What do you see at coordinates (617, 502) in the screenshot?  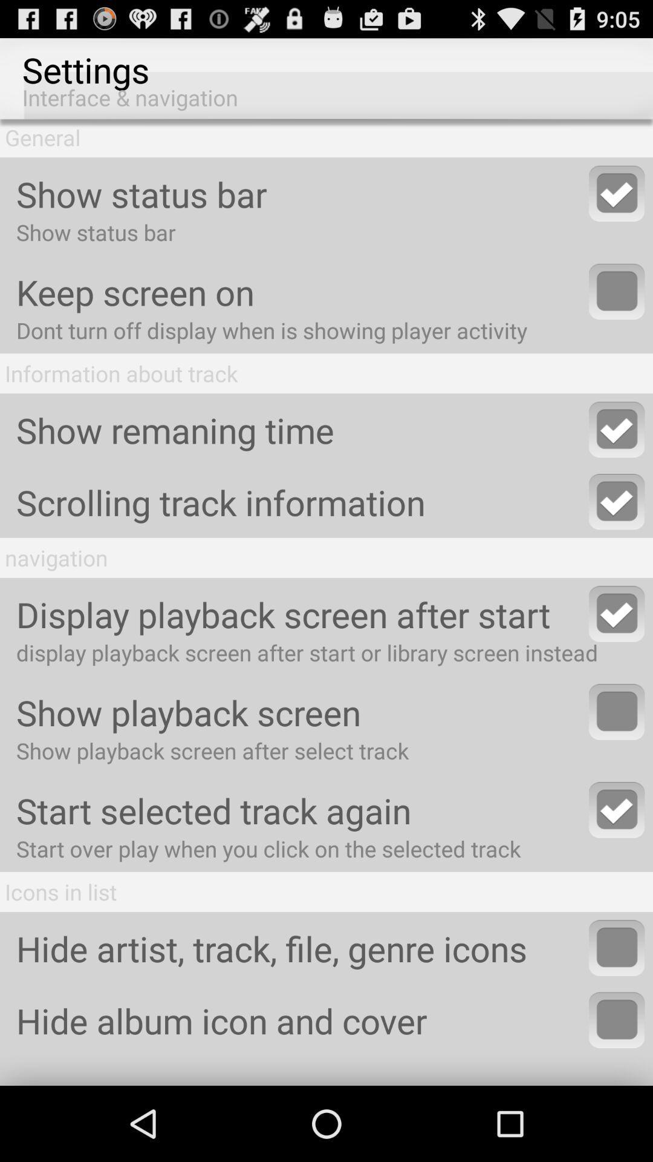 I see `scrolling track information option` at bounding box center [617, 502].